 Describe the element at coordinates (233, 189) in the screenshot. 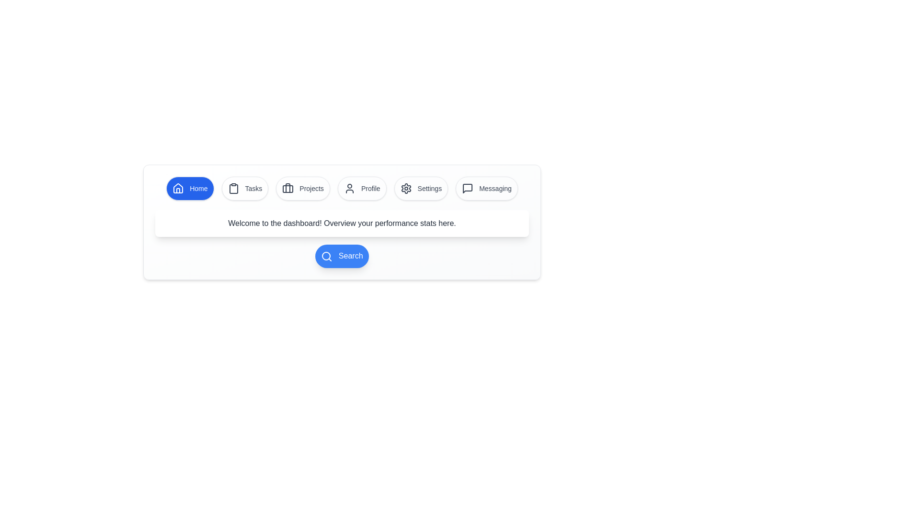

I see `the clipboard icon, which is a rectangular outlined icon with a handle at the top, positioned towards the center of the interface` at that location.